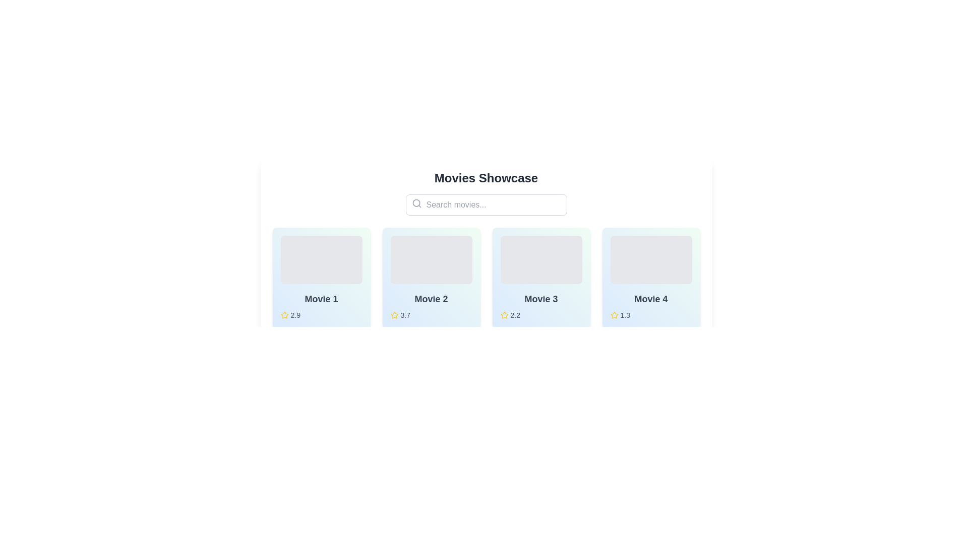 The width and height of the screenshot is (968, 544). I want to click on the text label that conveys the name of the movie, positioned below a rounded rectangle placeholder and above the rating section with a star icon, so click(321, 299).